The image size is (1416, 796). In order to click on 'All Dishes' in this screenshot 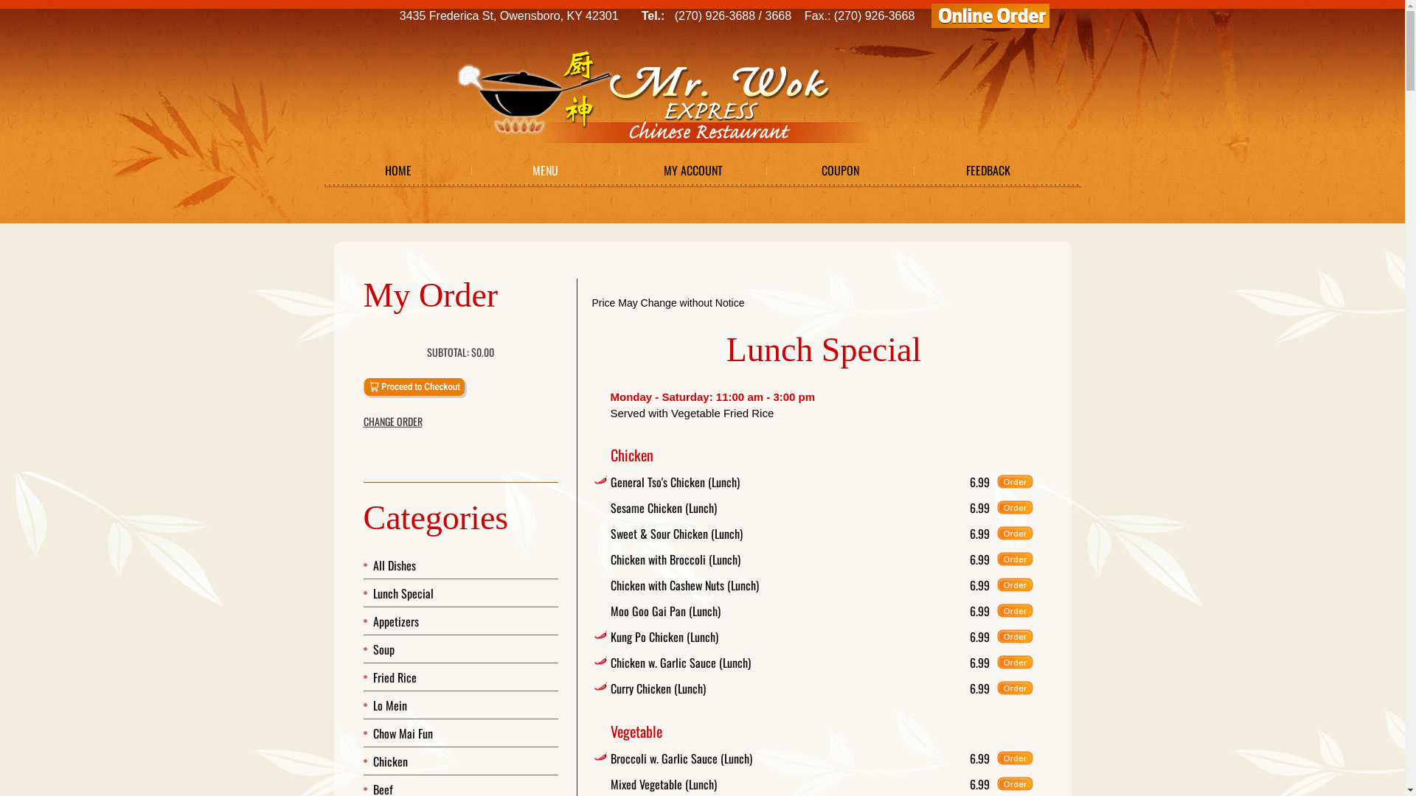, I will do `click(394, 565)`.